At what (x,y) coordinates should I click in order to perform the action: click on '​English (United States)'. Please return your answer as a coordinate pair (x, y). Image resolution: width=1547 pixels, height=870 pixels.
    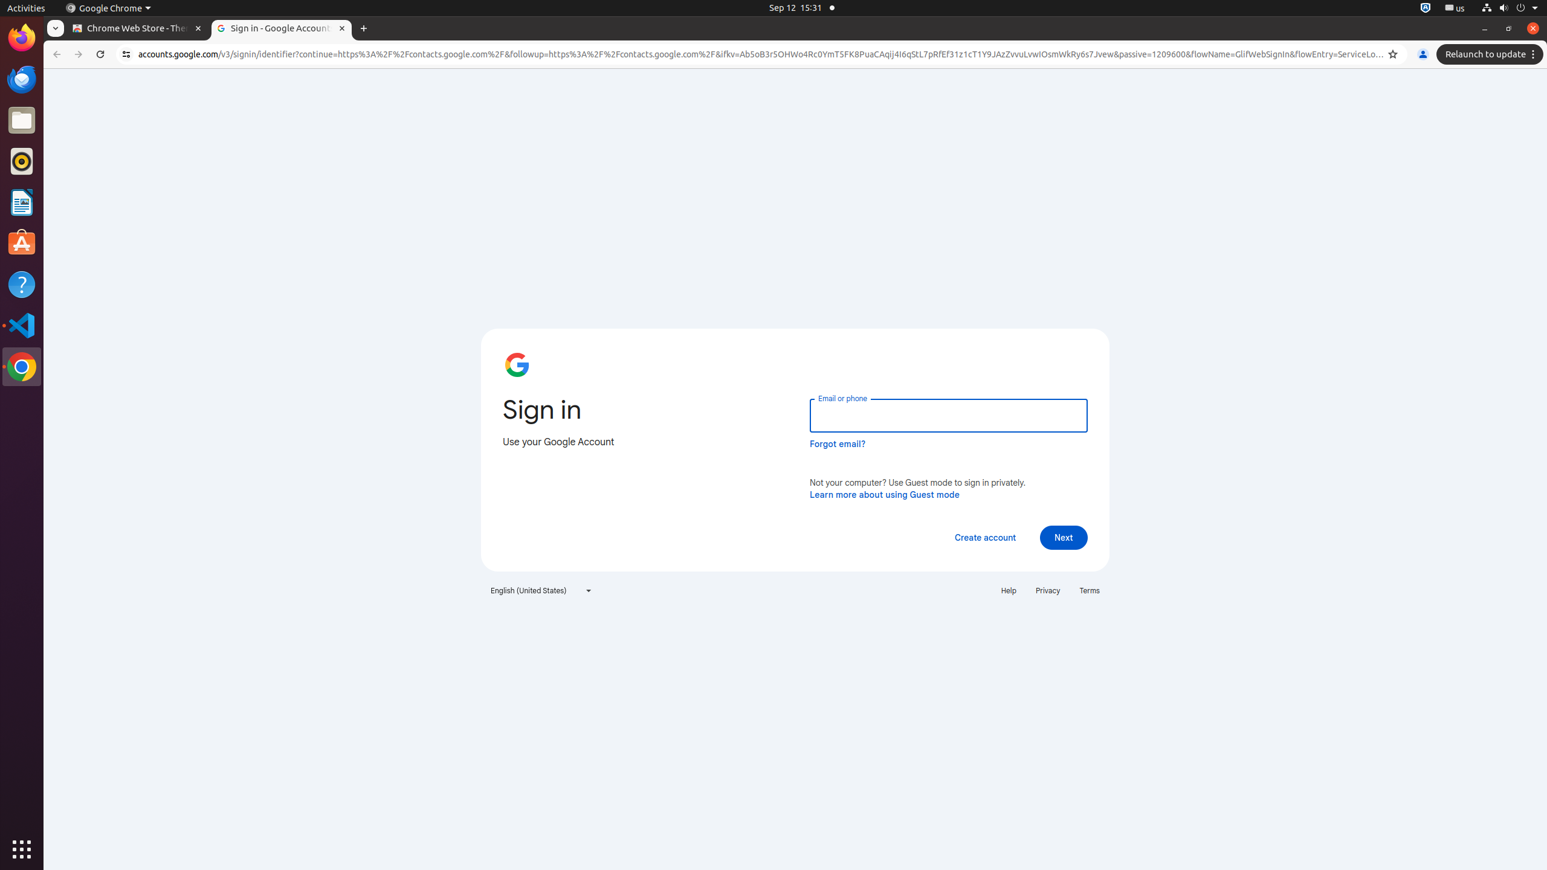
    Looking at the image, I should click on (541, 590).